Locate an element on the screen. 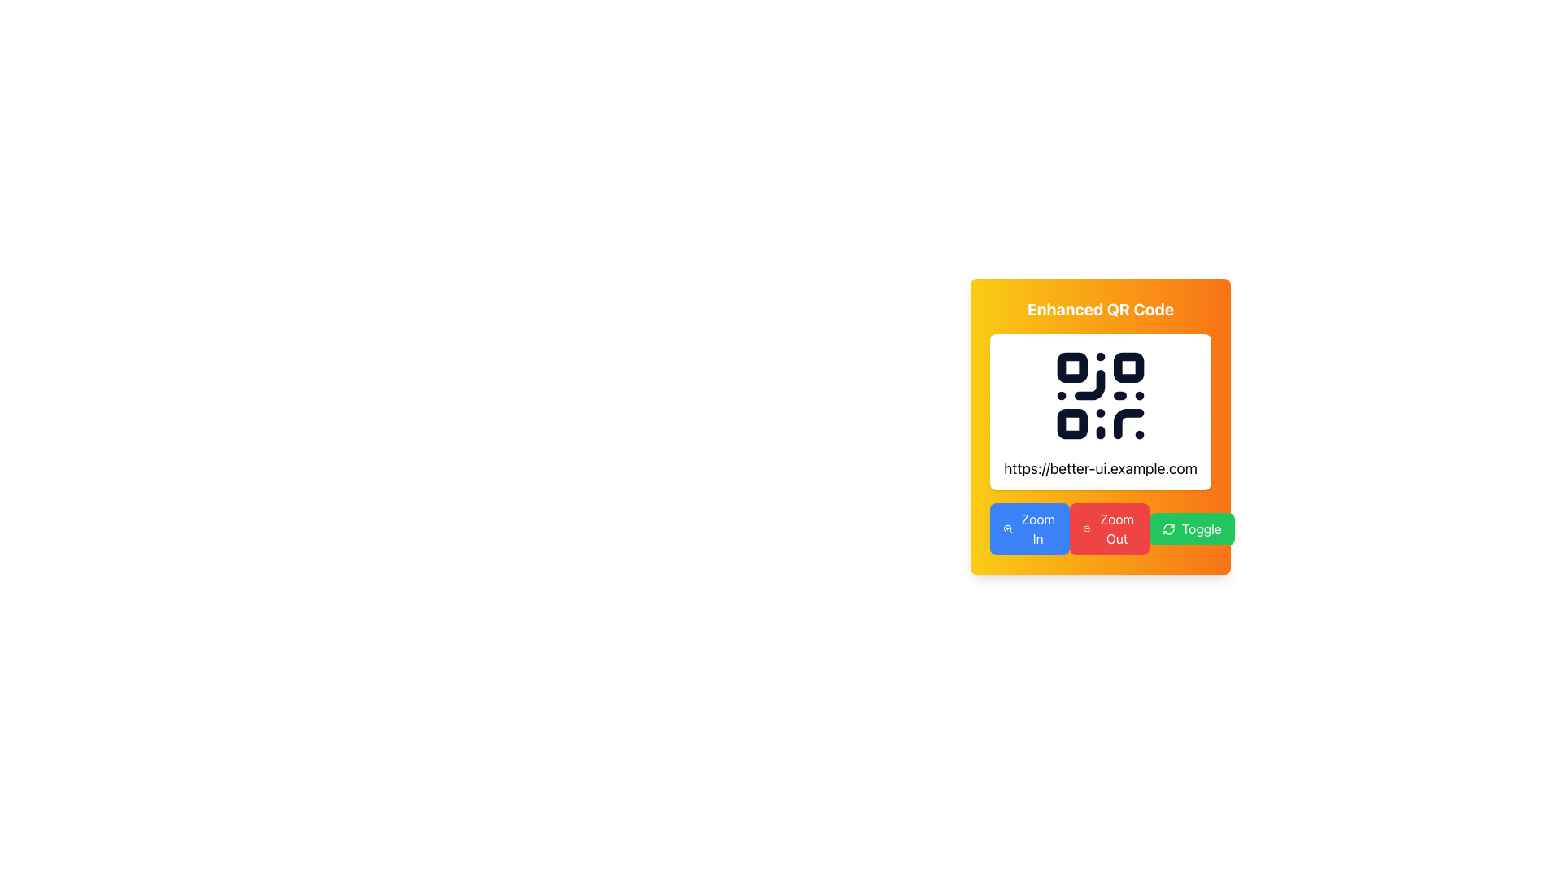  the third button in a horizontal row of three buttons located at the bottom of a card interface is located at coordinates (1192, 529).